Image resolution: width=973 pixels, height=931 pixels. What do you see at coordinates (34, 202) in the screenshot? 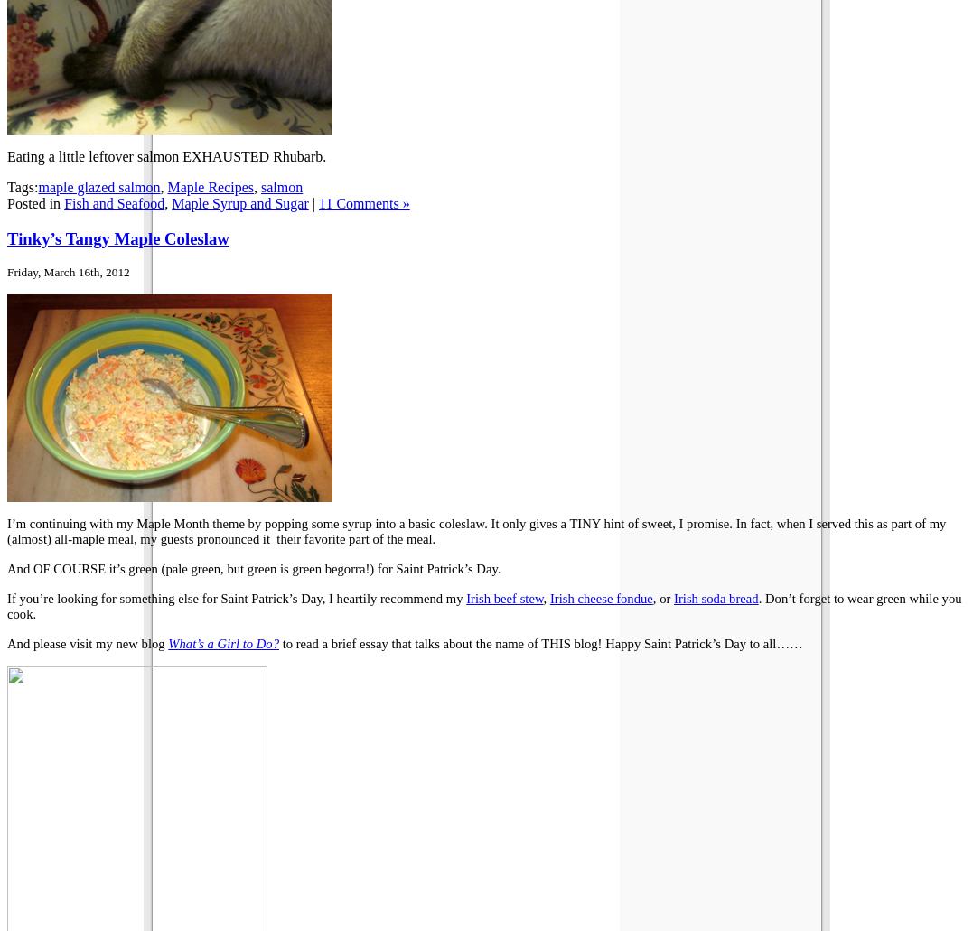
I see `'Posted in'` at bounding box center [34, 202].